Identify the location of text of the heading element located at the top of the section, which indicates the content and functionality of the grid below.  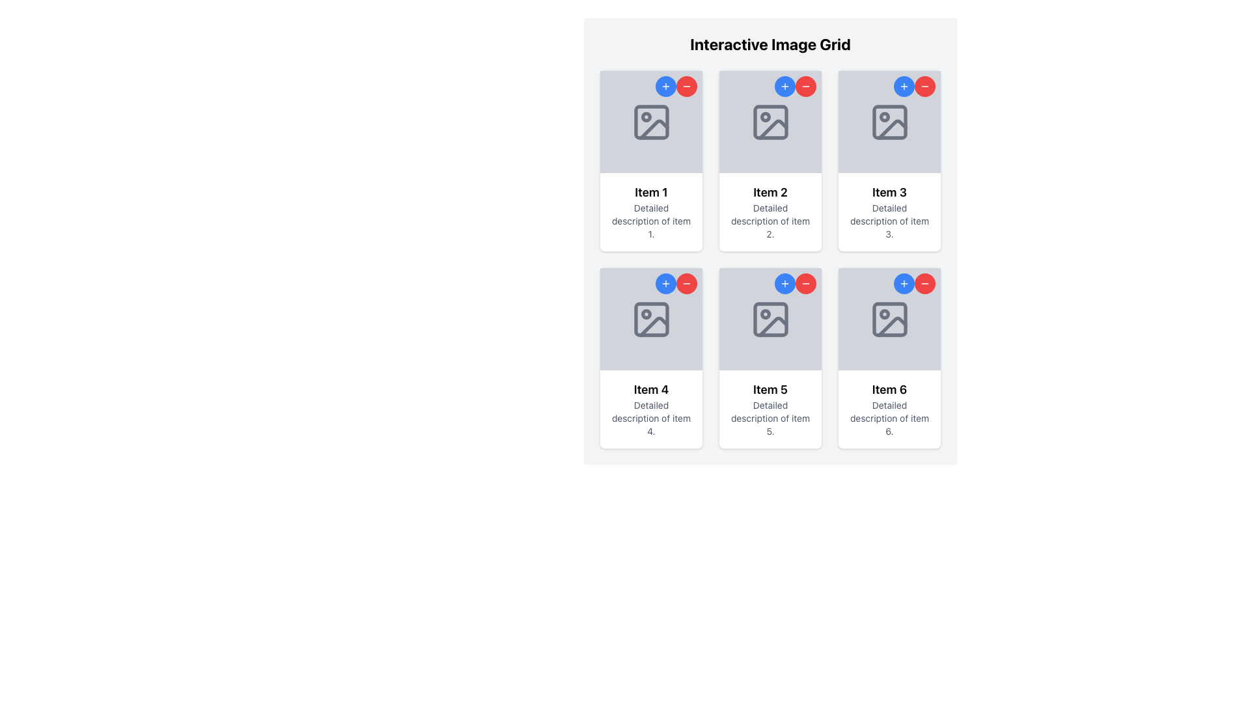
(770, 44).